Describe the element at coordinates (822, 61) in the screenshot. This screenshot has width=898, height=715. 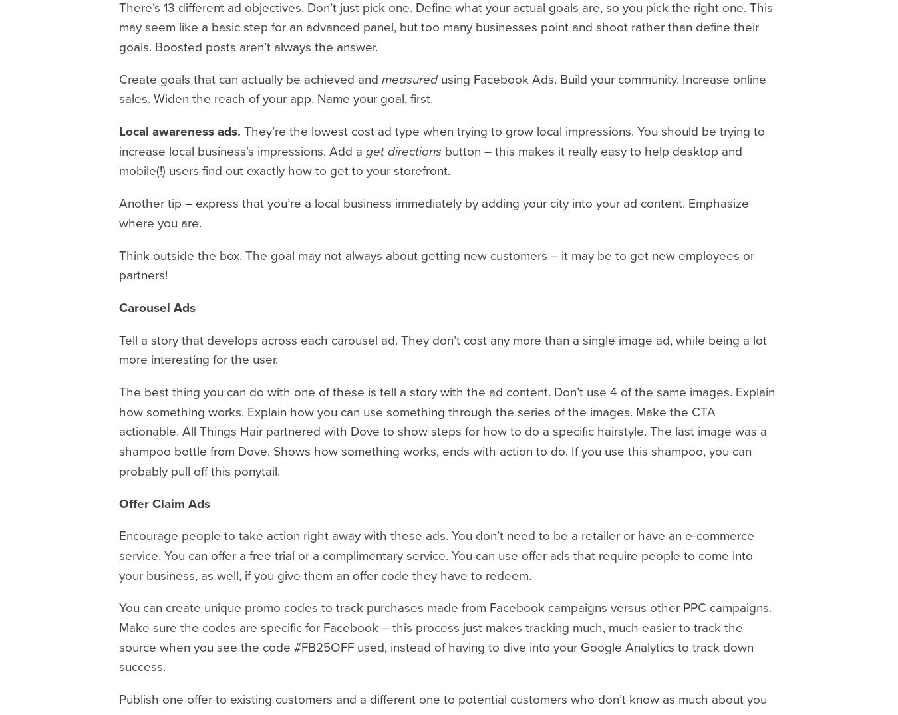
I see `'How to Conduct a Social Media Audit (And Why They Are Important)'` at that location.